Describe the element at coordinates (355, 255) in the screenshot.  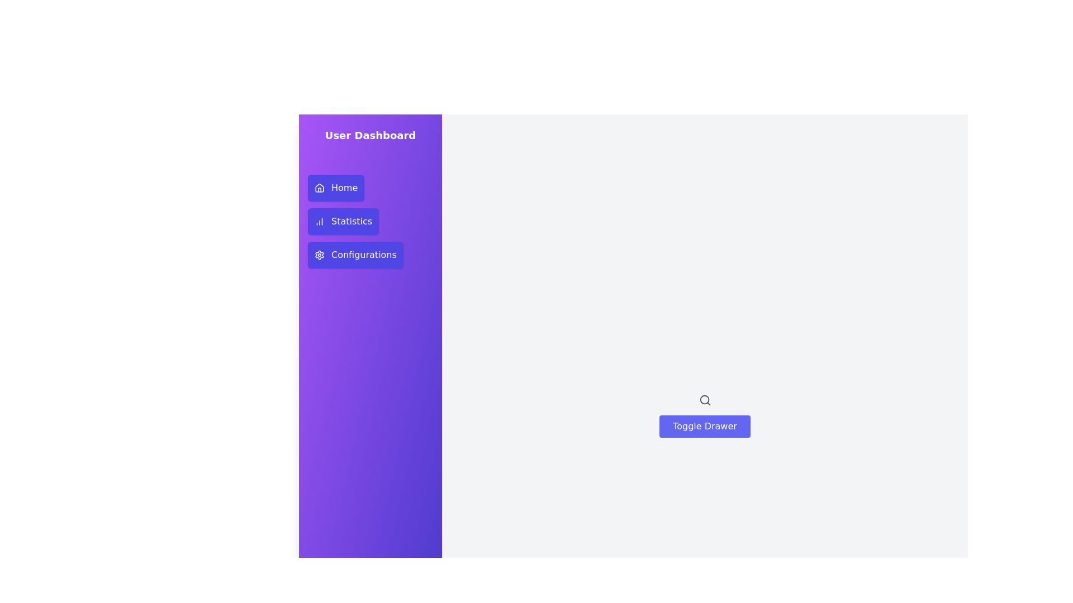
I see `the menu item Configurations in the drawer` at that location.